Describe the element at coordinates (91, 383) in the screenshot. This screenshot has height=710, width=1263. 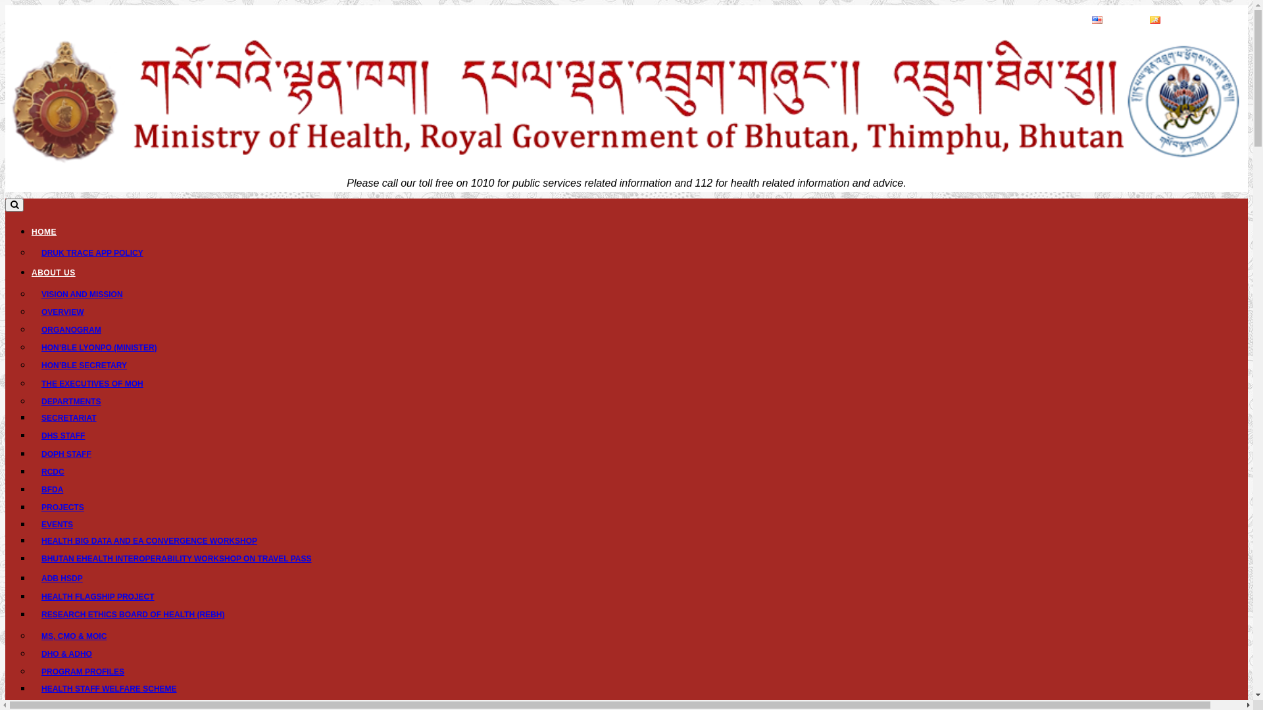
I see `'THE EXECUTIVES OF MOH'` at that location.